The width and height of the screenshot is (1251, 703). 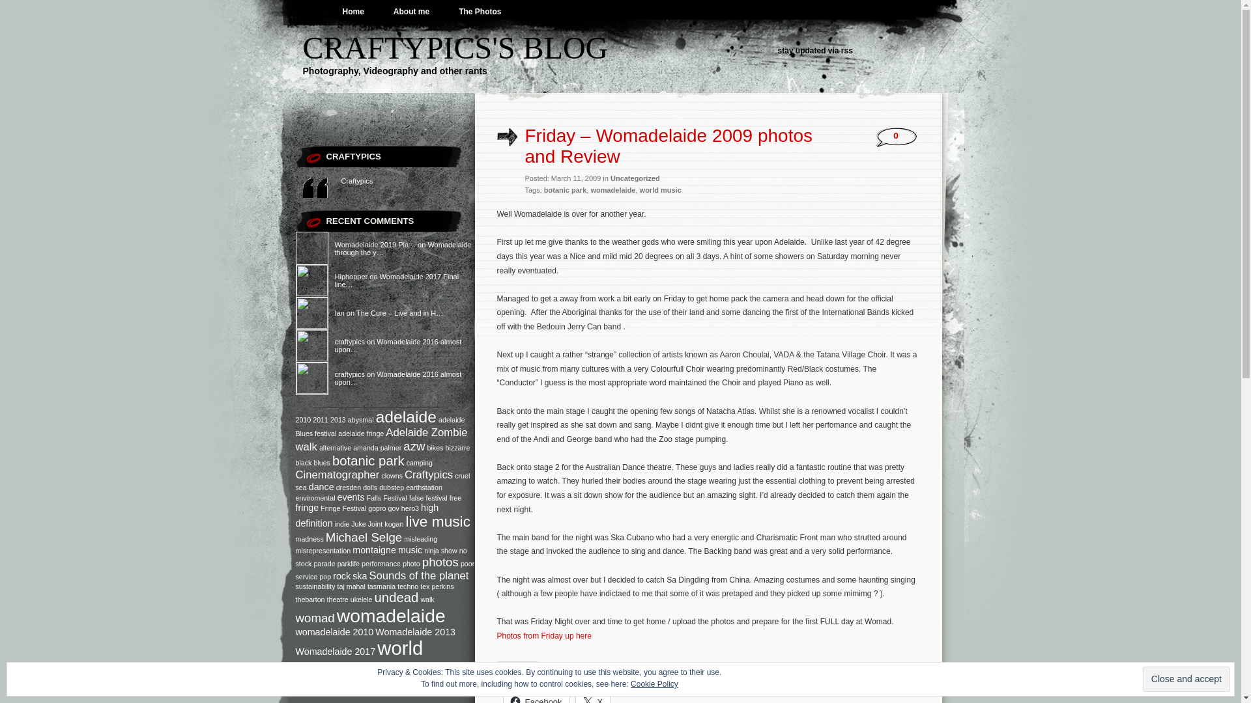 I want to click on '2011', so click(x=320, y=419).